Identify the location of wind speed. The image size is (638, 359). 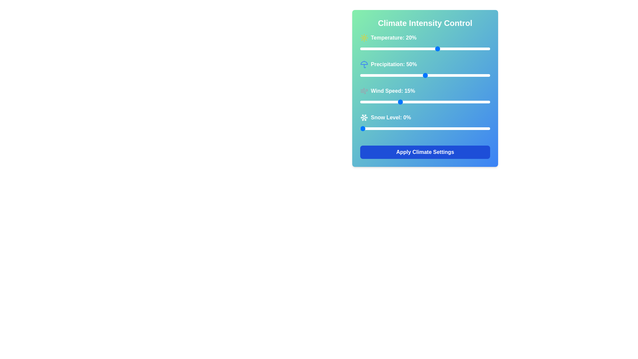
(394, 102).